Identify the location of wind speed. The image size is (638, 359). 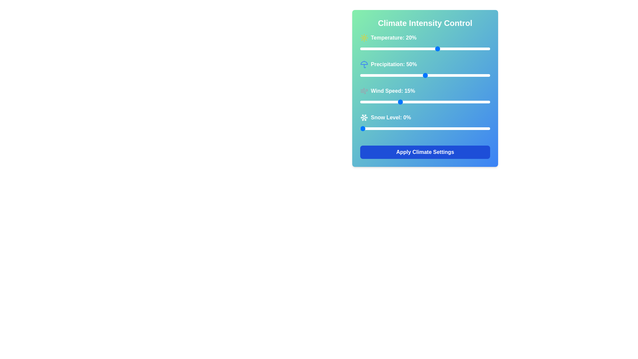
(394, 102).